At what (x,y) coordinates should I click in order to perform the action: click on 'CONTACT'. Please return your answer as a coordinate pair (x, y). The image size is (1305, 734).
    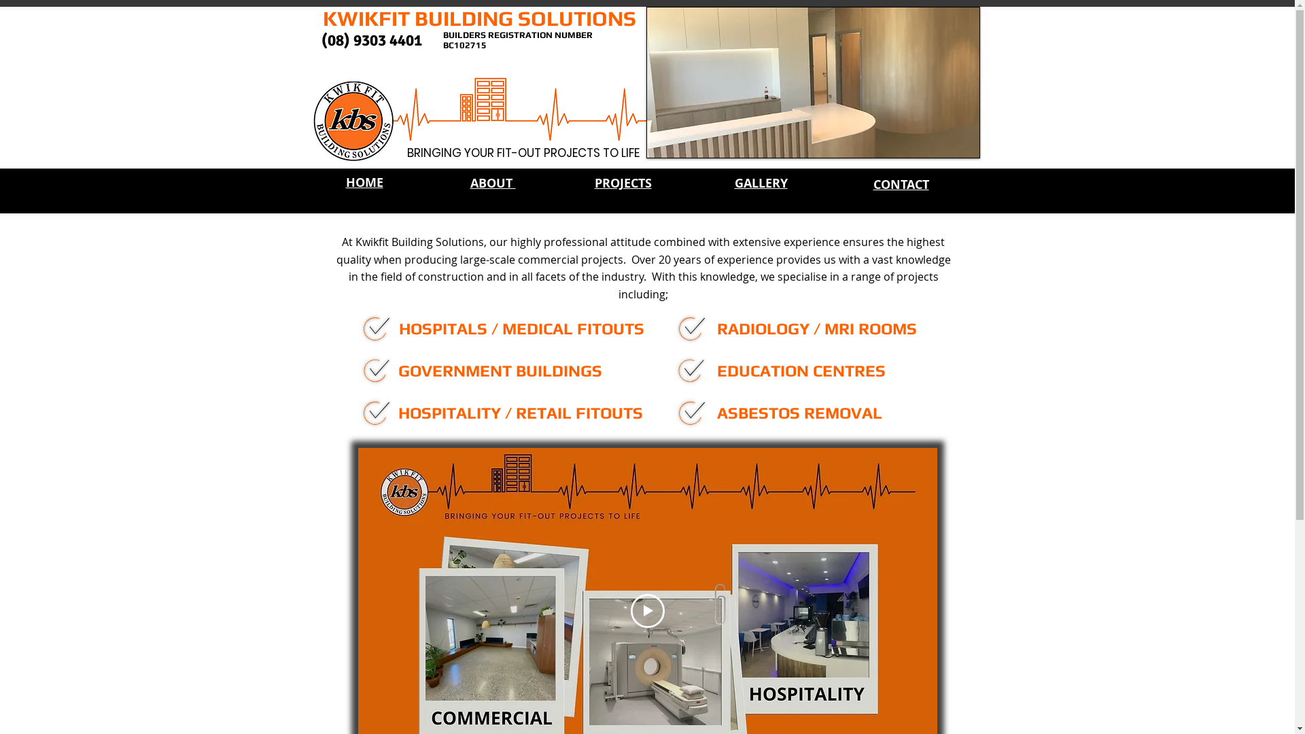
    Looking at the image, I should click on (872, 184).